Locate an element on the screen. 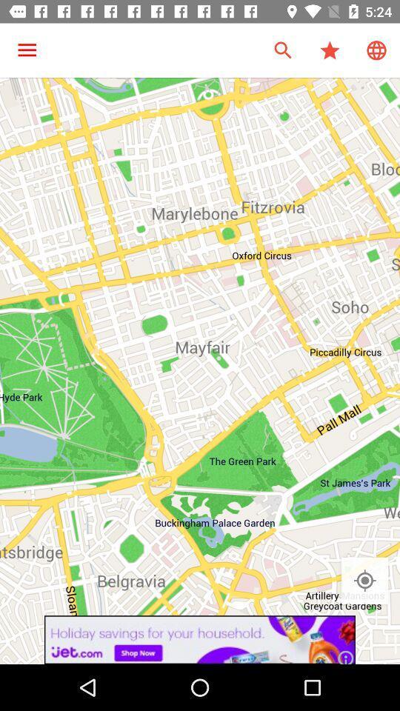 The height and width of the screenshot is (711, 400). turn on navigation is located at coordinates (364, 581).